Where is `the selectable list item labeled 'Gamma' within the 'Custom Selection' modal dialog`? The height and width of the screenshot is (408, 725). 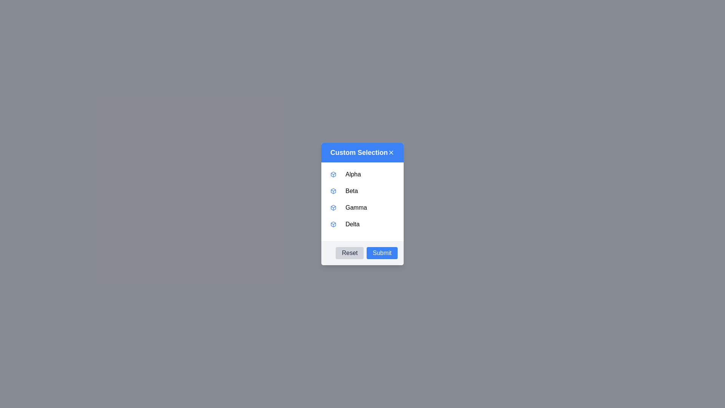
the selectable list item labeled 'Gamma' within the 'Custom Selection' modal dialog is located at coordinates (362, 204).